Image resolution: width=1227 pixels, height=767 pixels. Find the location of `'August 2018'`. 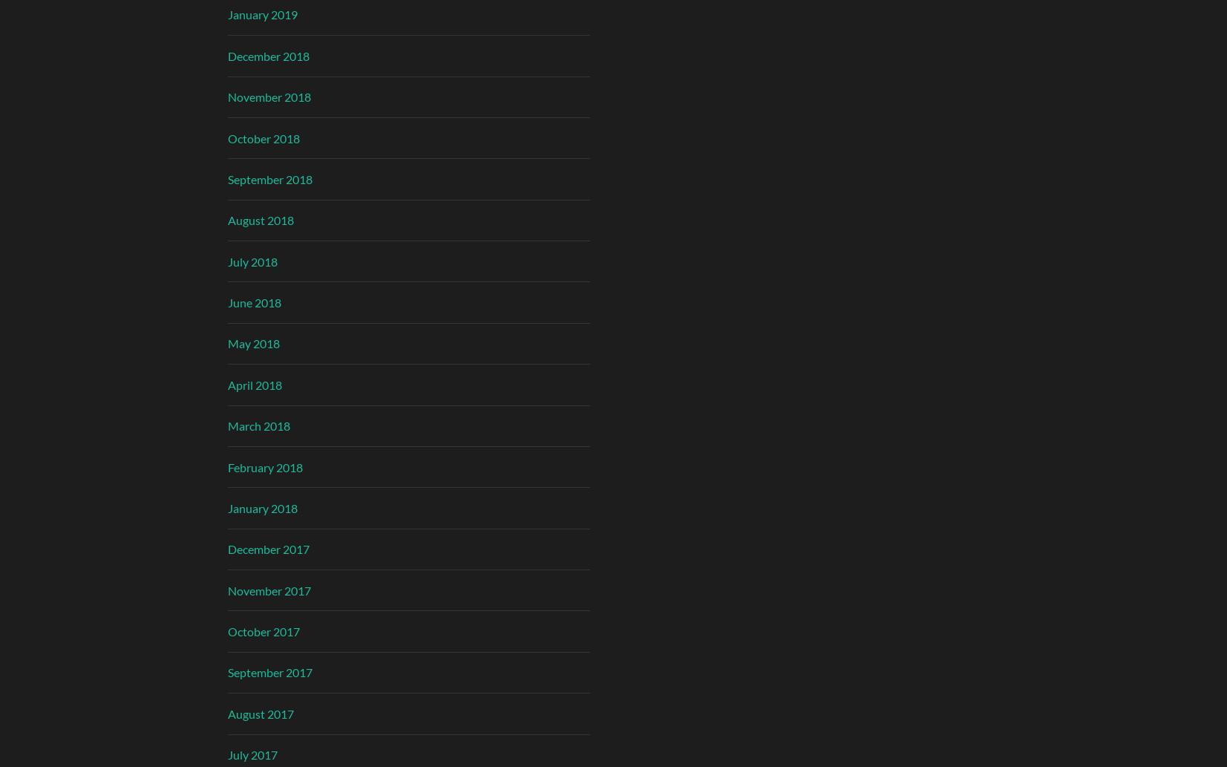

'August 2018' is located at coordinates (259, 219).